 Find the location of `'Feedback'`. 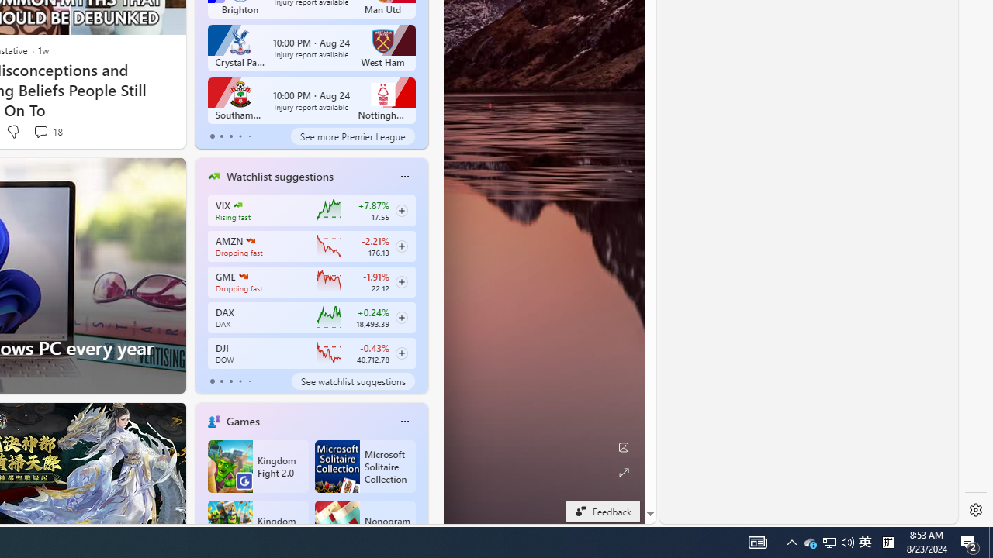

'Feedback' is located at coordinates (602, 511).